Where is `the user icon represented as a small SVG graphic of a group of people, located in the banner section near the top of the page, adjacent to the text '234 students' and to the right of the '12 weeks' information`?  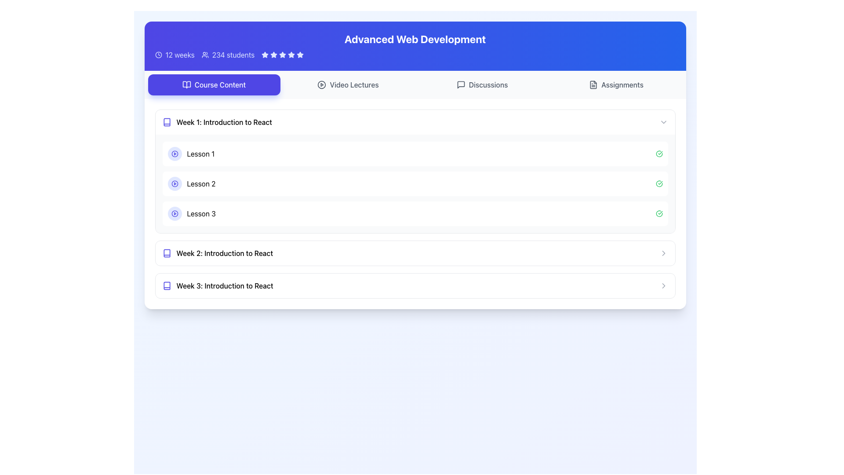
the user icon represented as a small SVG graphic of a group of people, located in the banner section near the top of the page, adjacent to the text '234 students' and to the right of the '12 weeks' information is located at coordinates (204, 55).